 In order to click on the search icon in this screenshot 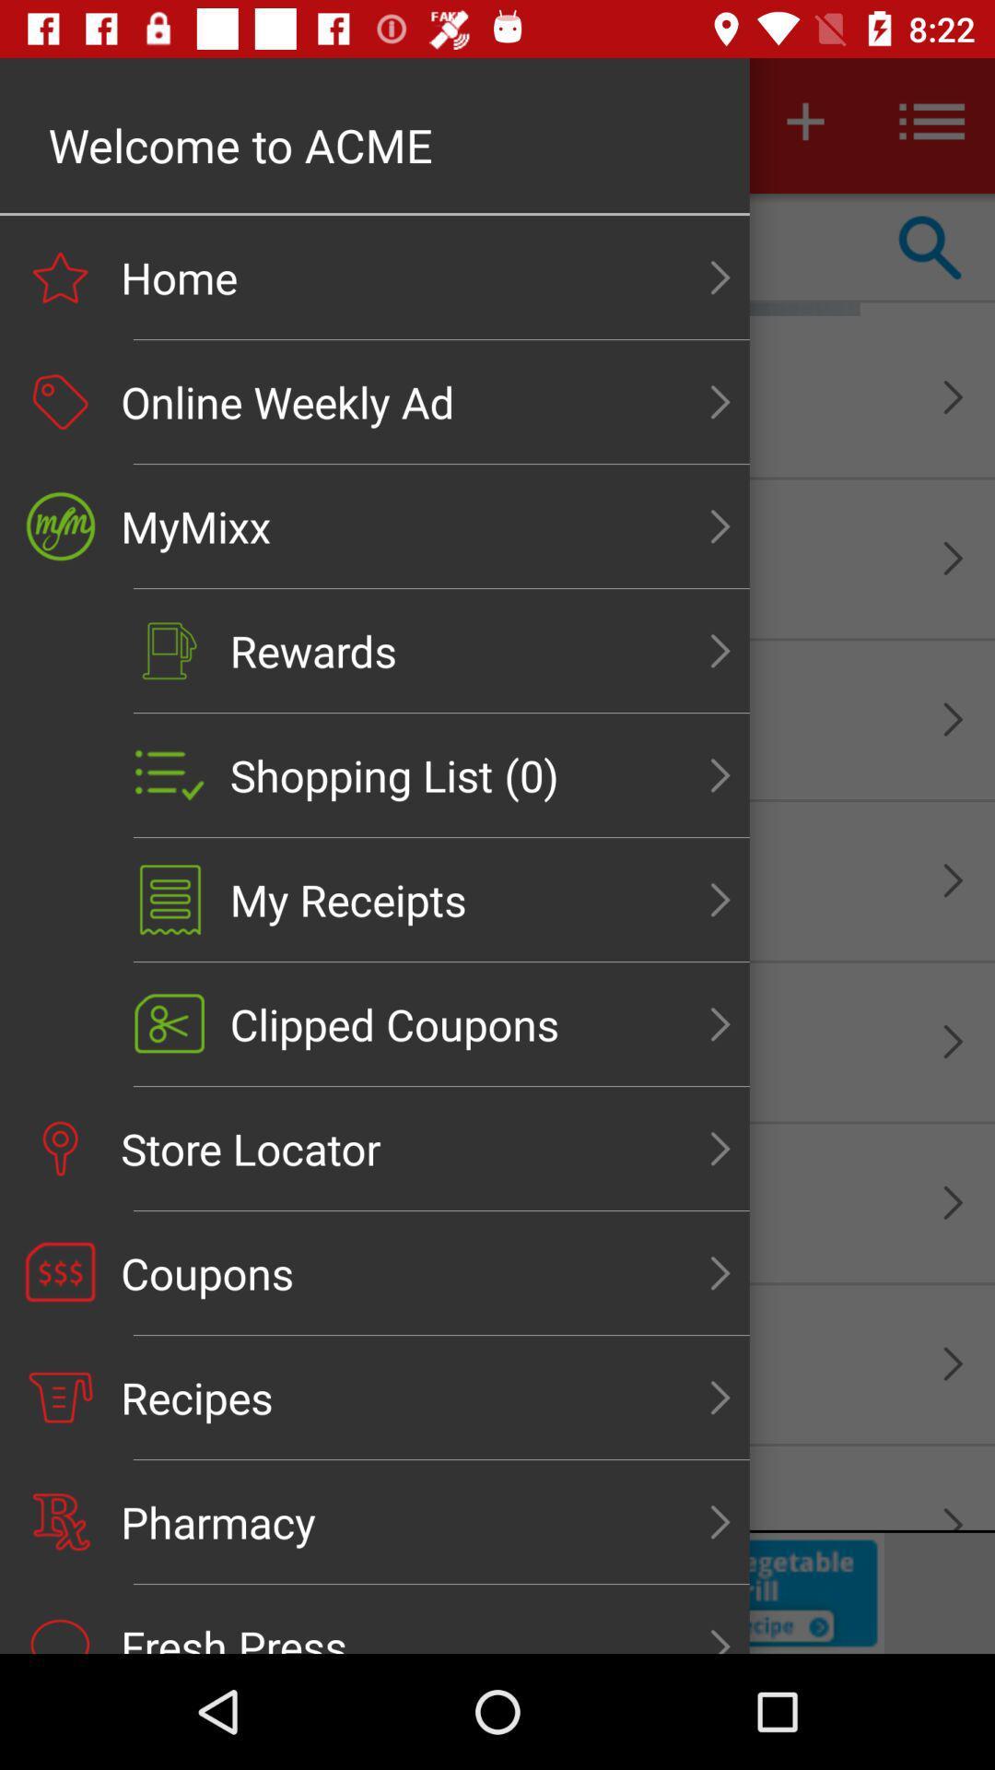, I will do `click(931, 247)`.